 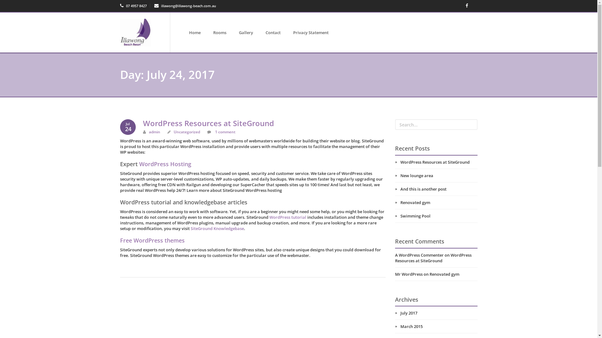 What do you see at coordinates (224, 131) in the screenshot?
I see `'1 comment'` at bounding box center [224, 131].